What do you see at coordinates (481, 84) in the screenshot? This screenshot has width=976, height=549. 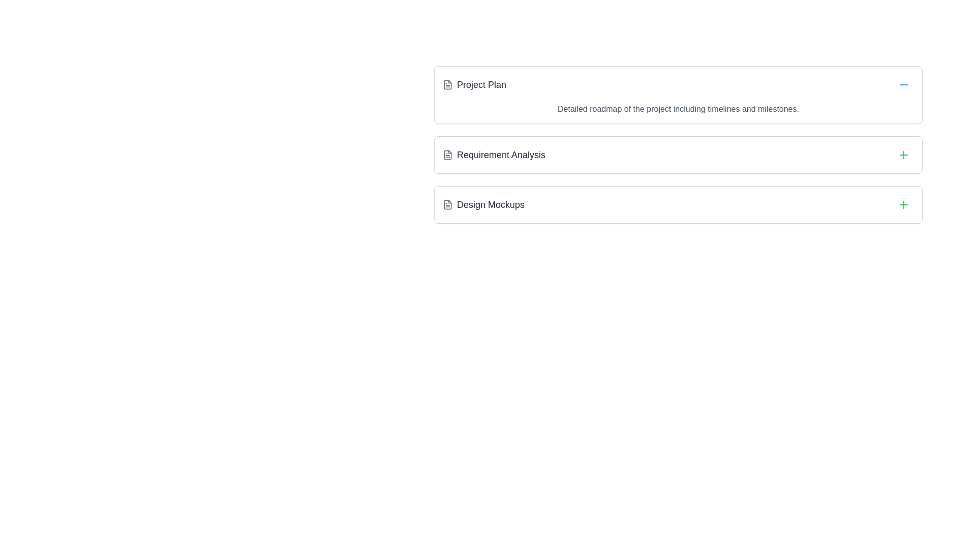 I see `the Text Label that serves as a title for the first item in a segmented list, located in the upper section next to a document icon` at bounding box center [481, 84].